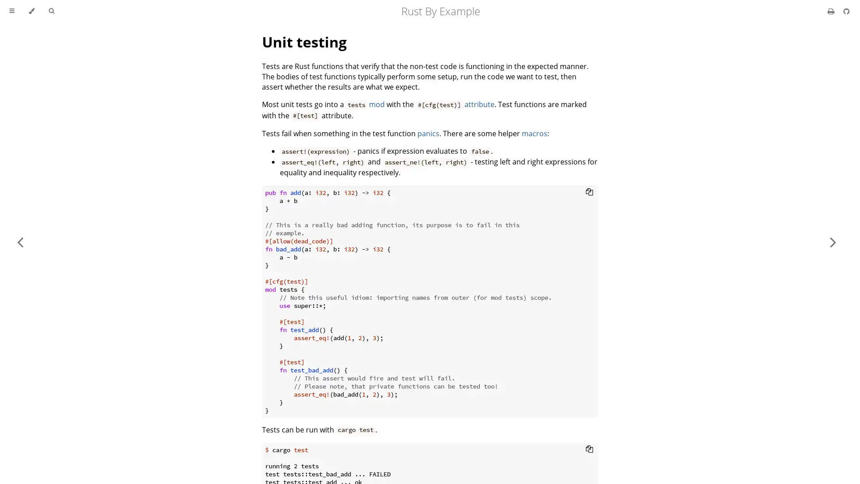 This screenshot has width=860, height=484. Describe the element at coordinates (589, 191) in the screenshot. I see `Copy to clipboard` at that location.